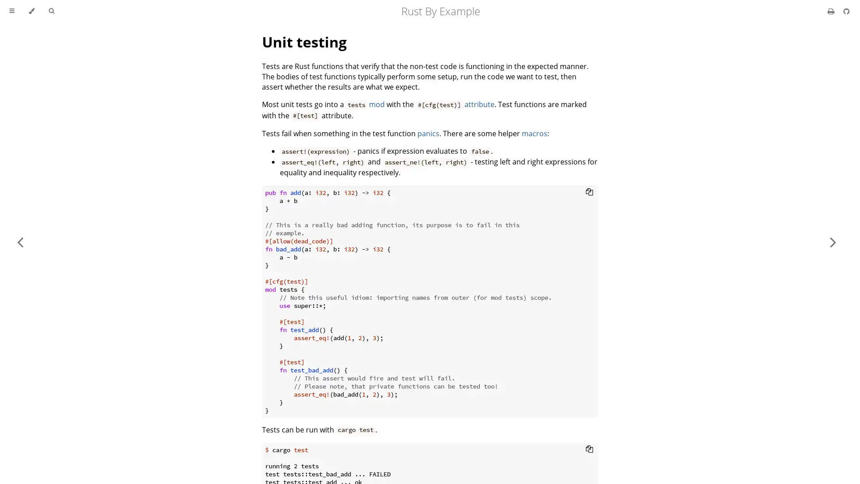 This screenshot has width=860, height=484. Describe the element at coordinates (589, 191) in the screenshot. I see `Copy to clipboard` at that location.